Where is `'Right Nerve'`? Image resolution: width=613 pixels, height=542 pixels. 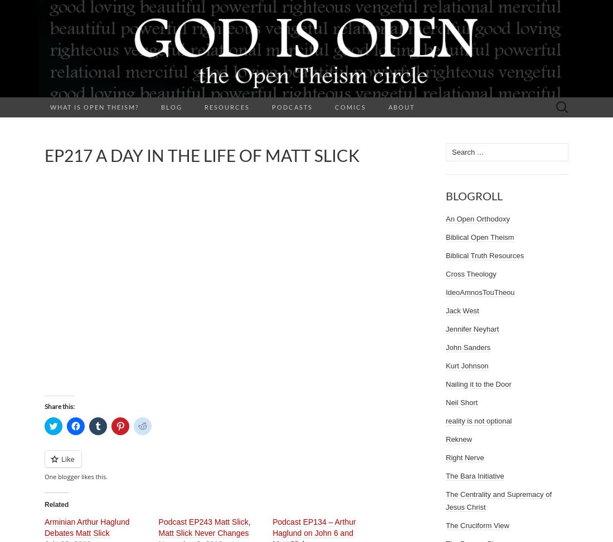
'Right Nerve' is located at coordinates (464, 457).